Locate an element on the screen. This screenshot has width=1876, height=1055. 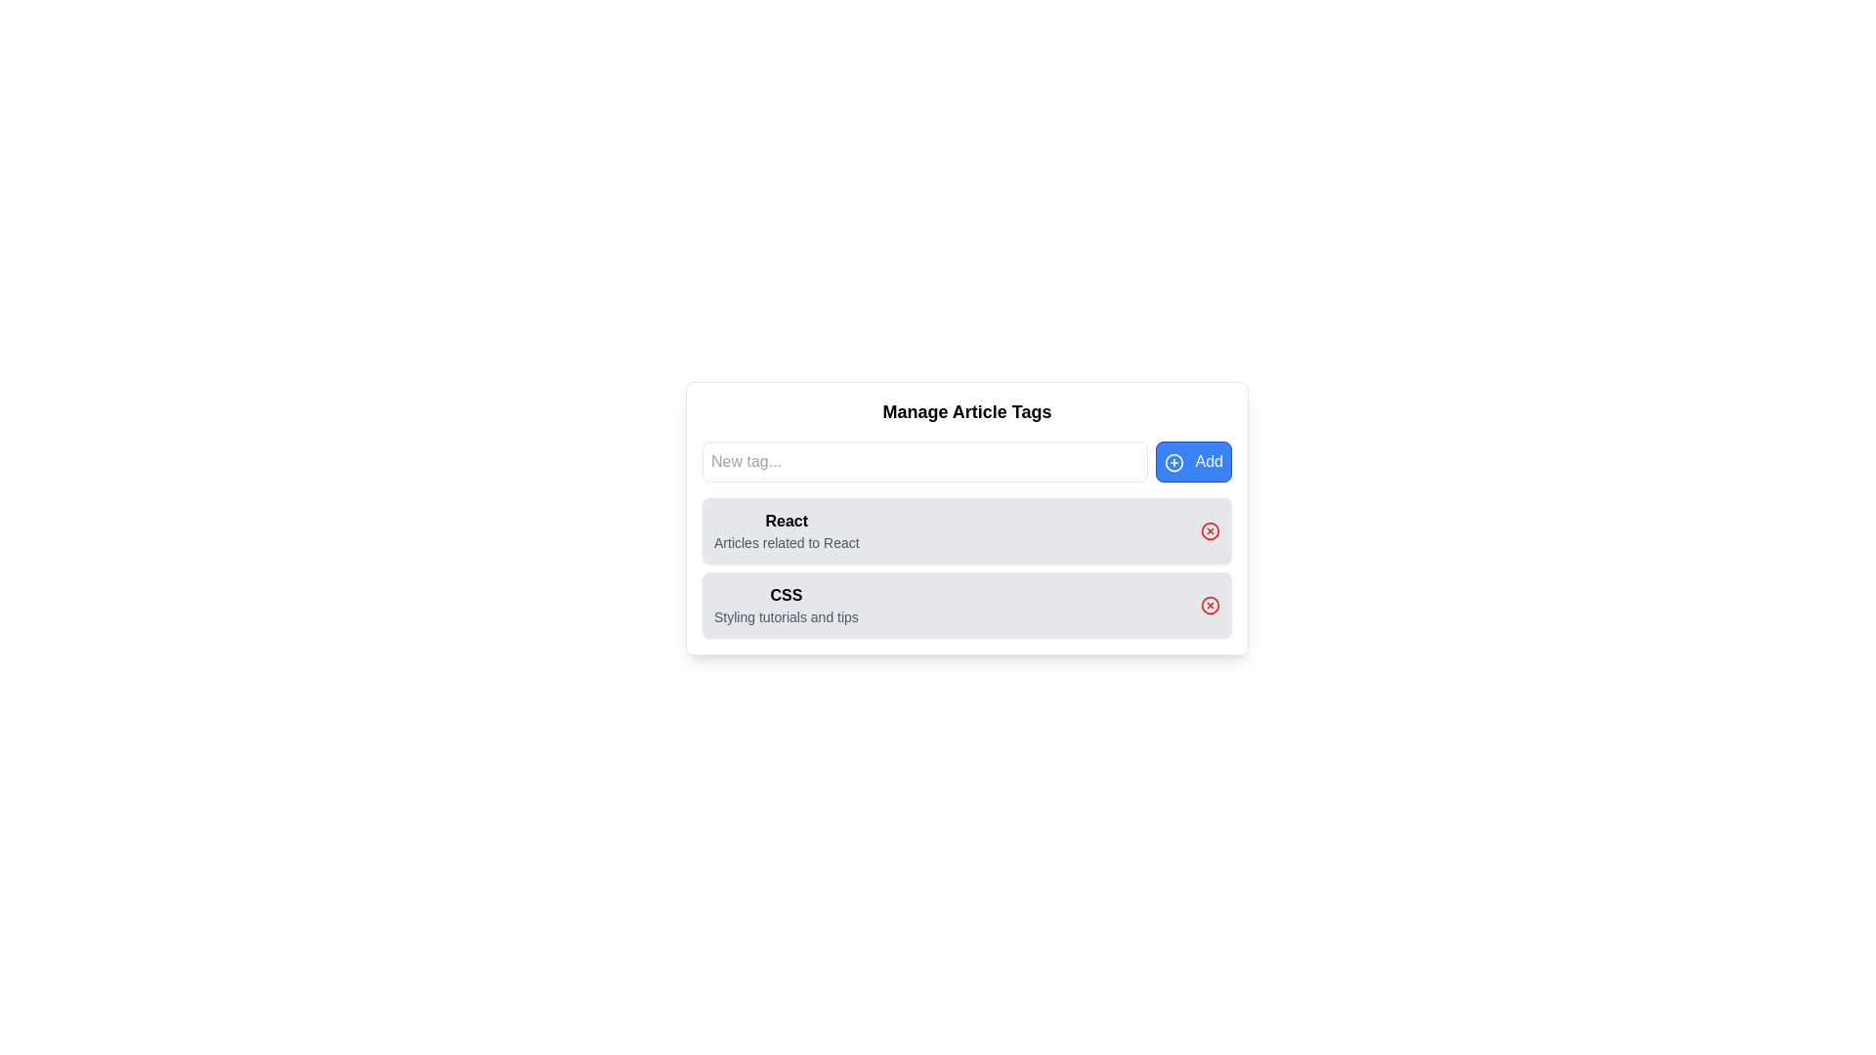
text label that identifies the tag 'React', which is positioned near the top-center of the first item in the list of tags, just below the input field labeled 'New tag...' is located at coordinates (787, 520).